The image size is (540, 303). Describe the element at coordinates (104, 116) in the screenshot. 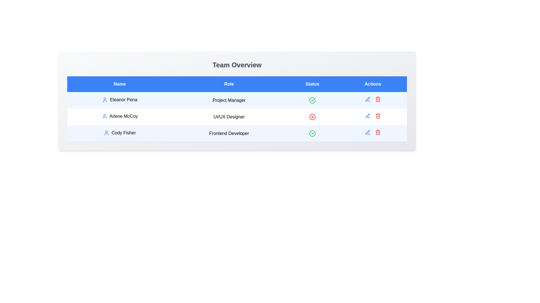

I see `the Profile icon located to the left of 'Arlene McCoy' in the second row of the table, which visually indicates the user's identity` at that location.